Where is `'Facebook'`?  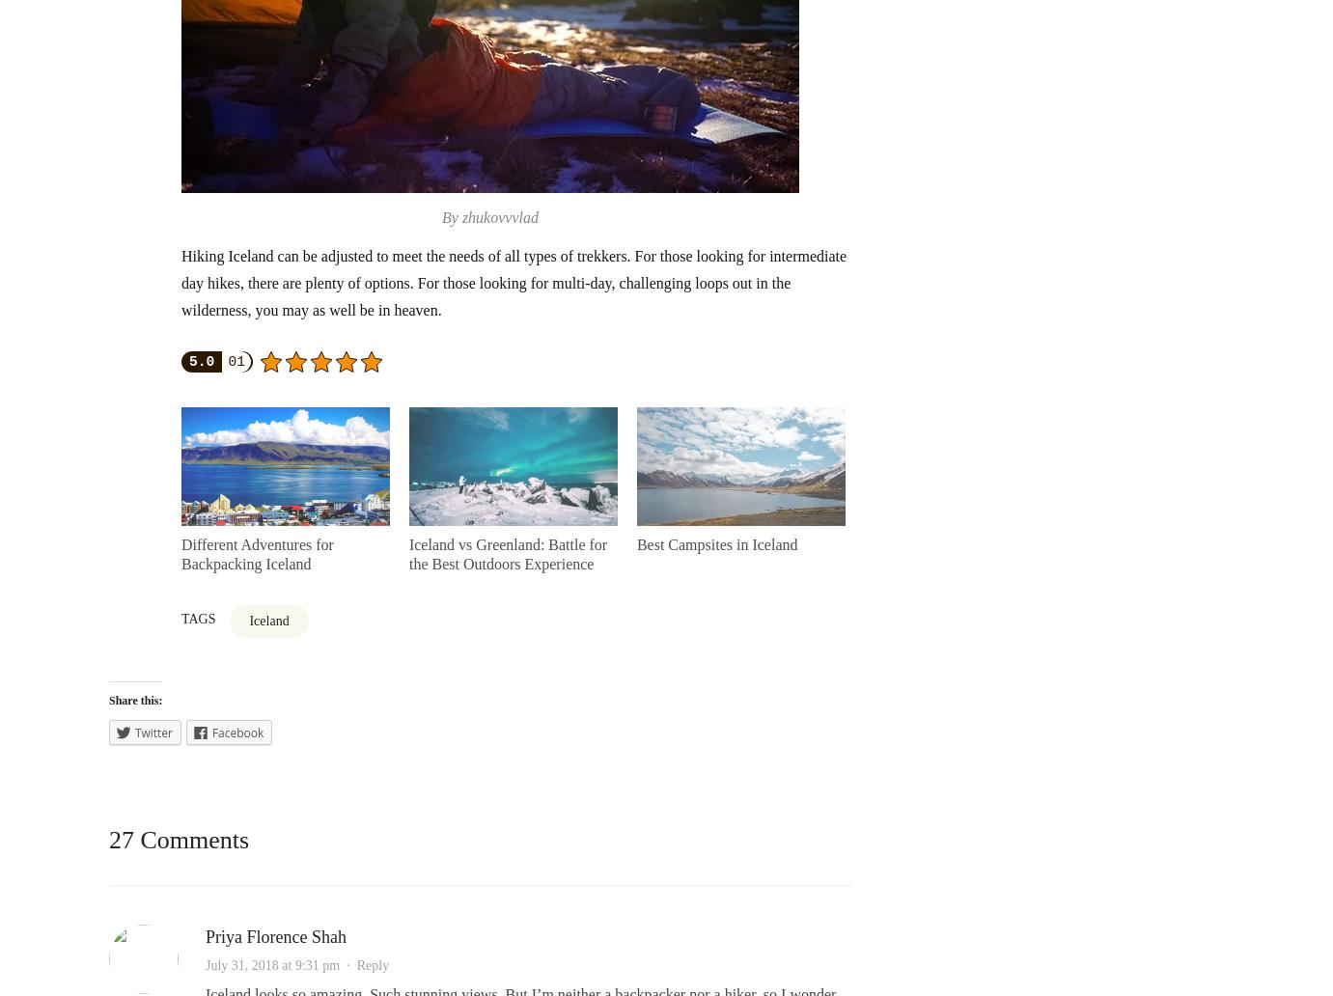 'Facebook' is located at coordinates (236, 731).